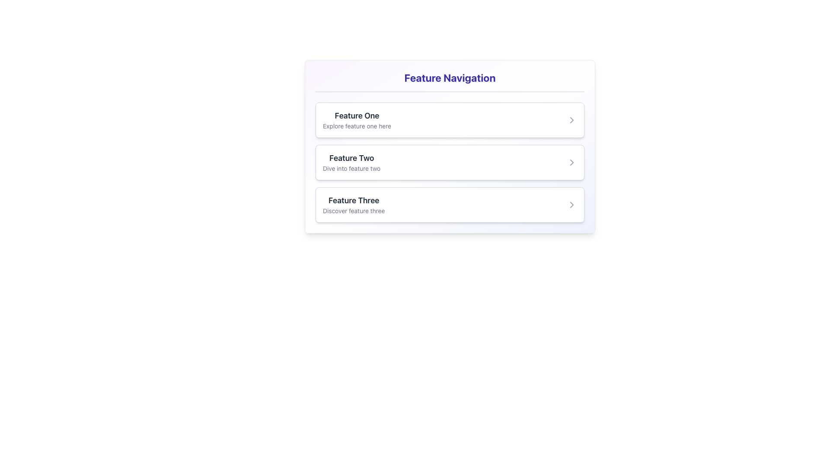 This screenshot has height=467, width=830. Describe the element at coordinates (357, 115) in the screenshot. I see `Text Label that serves as the title for the first feature in the navigation interface, located above the descriptive text 'Explore feature one here'` at that location.